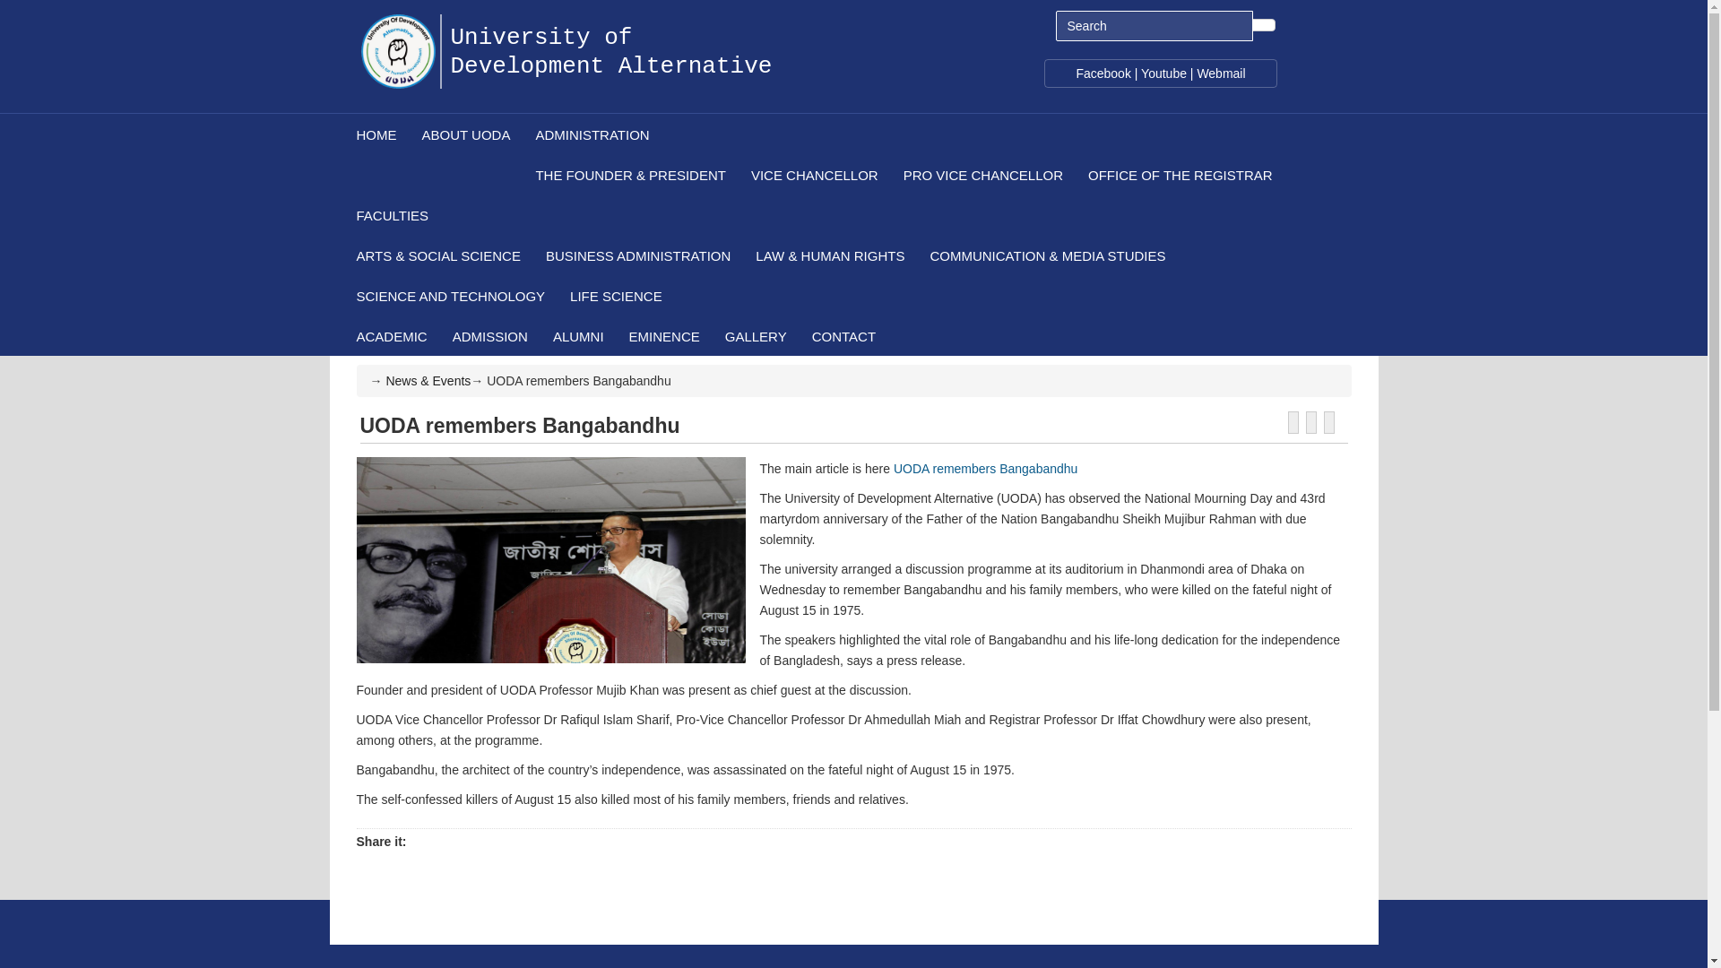 This screenshot has height=968, width=1721. I want to click on 'VICE CHANCELLOR', so click(812, 174).